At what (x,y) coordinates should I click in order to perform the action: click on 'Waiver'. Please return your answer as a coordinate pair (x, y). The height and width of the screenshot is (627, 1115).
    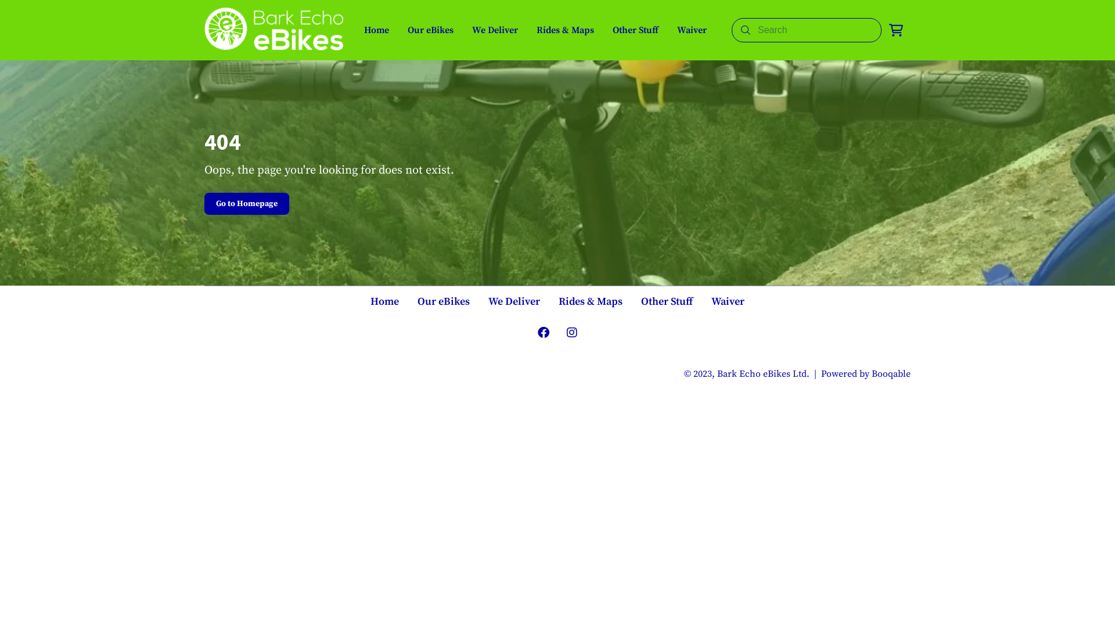
    Looking at the image, I should click on (727, 301).